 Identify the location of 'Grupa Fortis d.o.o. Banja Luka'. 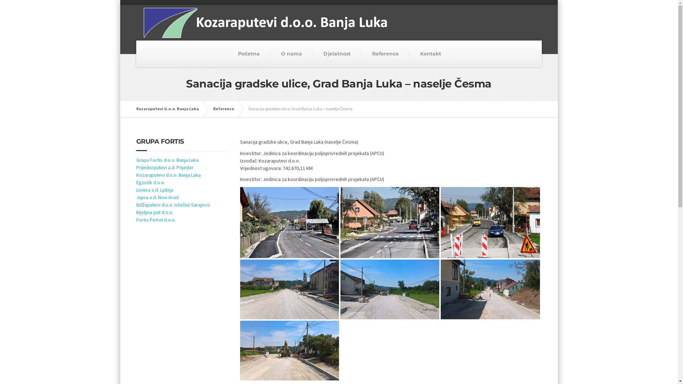
(166, 160).